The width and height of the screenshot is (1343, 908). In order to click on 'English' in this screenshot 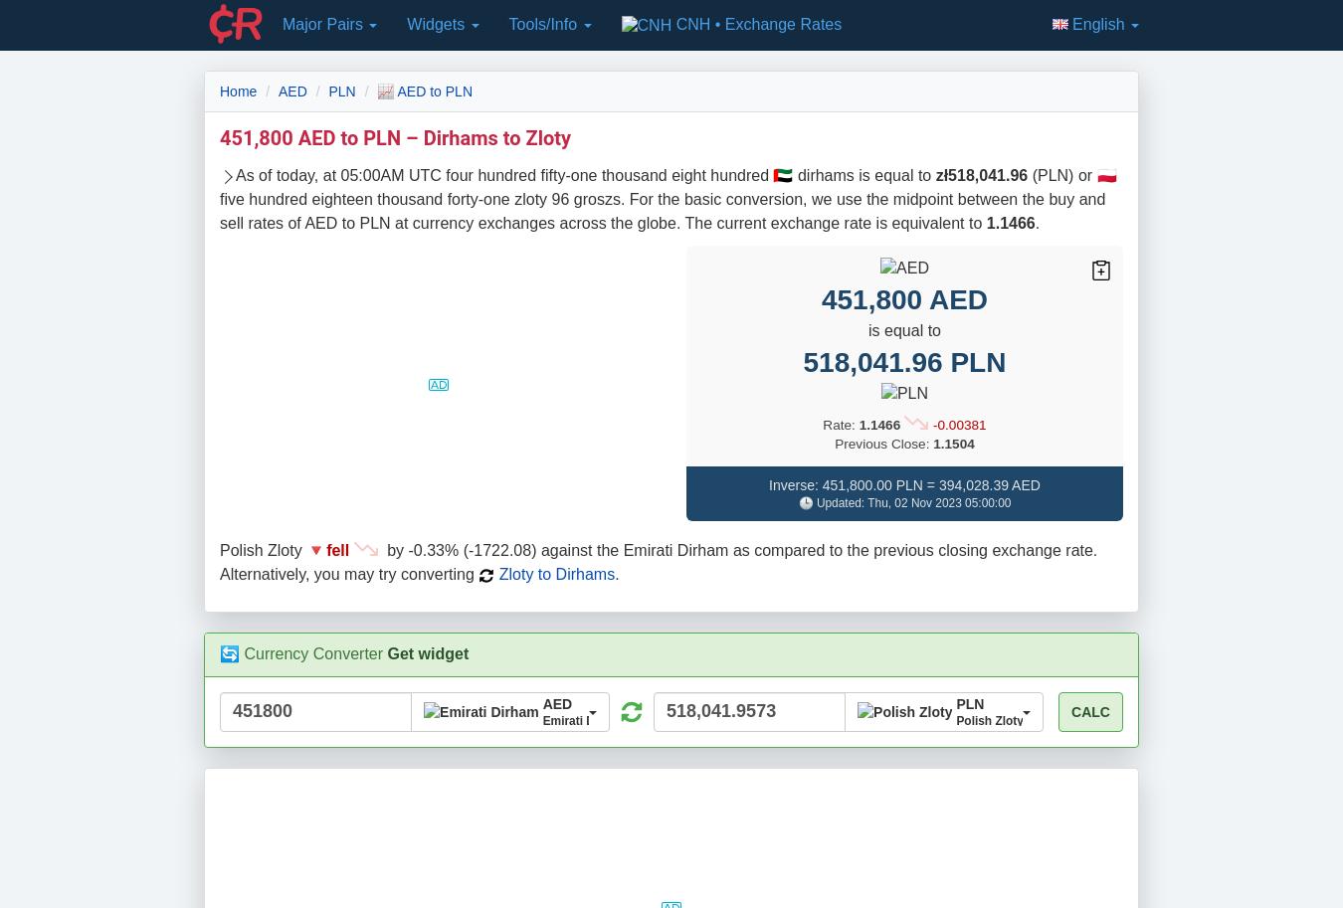, I will do `click(1100, 24)`.